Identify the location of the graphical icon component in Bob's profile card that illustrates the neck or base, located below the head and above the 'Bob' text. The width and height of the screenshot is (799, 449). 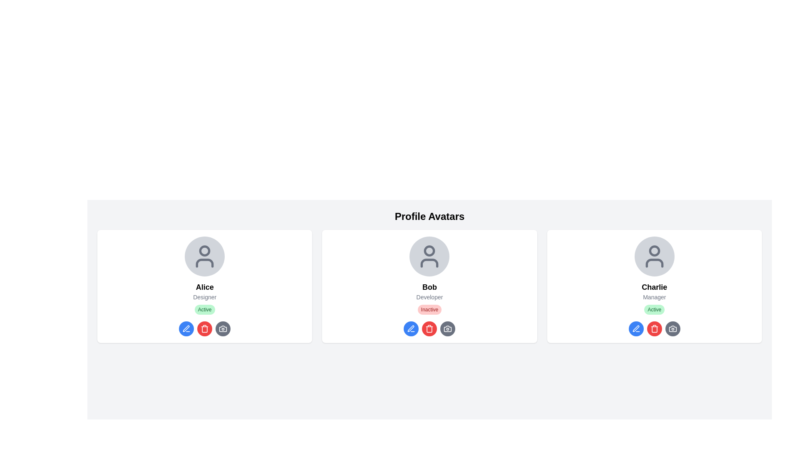
(429, 263).